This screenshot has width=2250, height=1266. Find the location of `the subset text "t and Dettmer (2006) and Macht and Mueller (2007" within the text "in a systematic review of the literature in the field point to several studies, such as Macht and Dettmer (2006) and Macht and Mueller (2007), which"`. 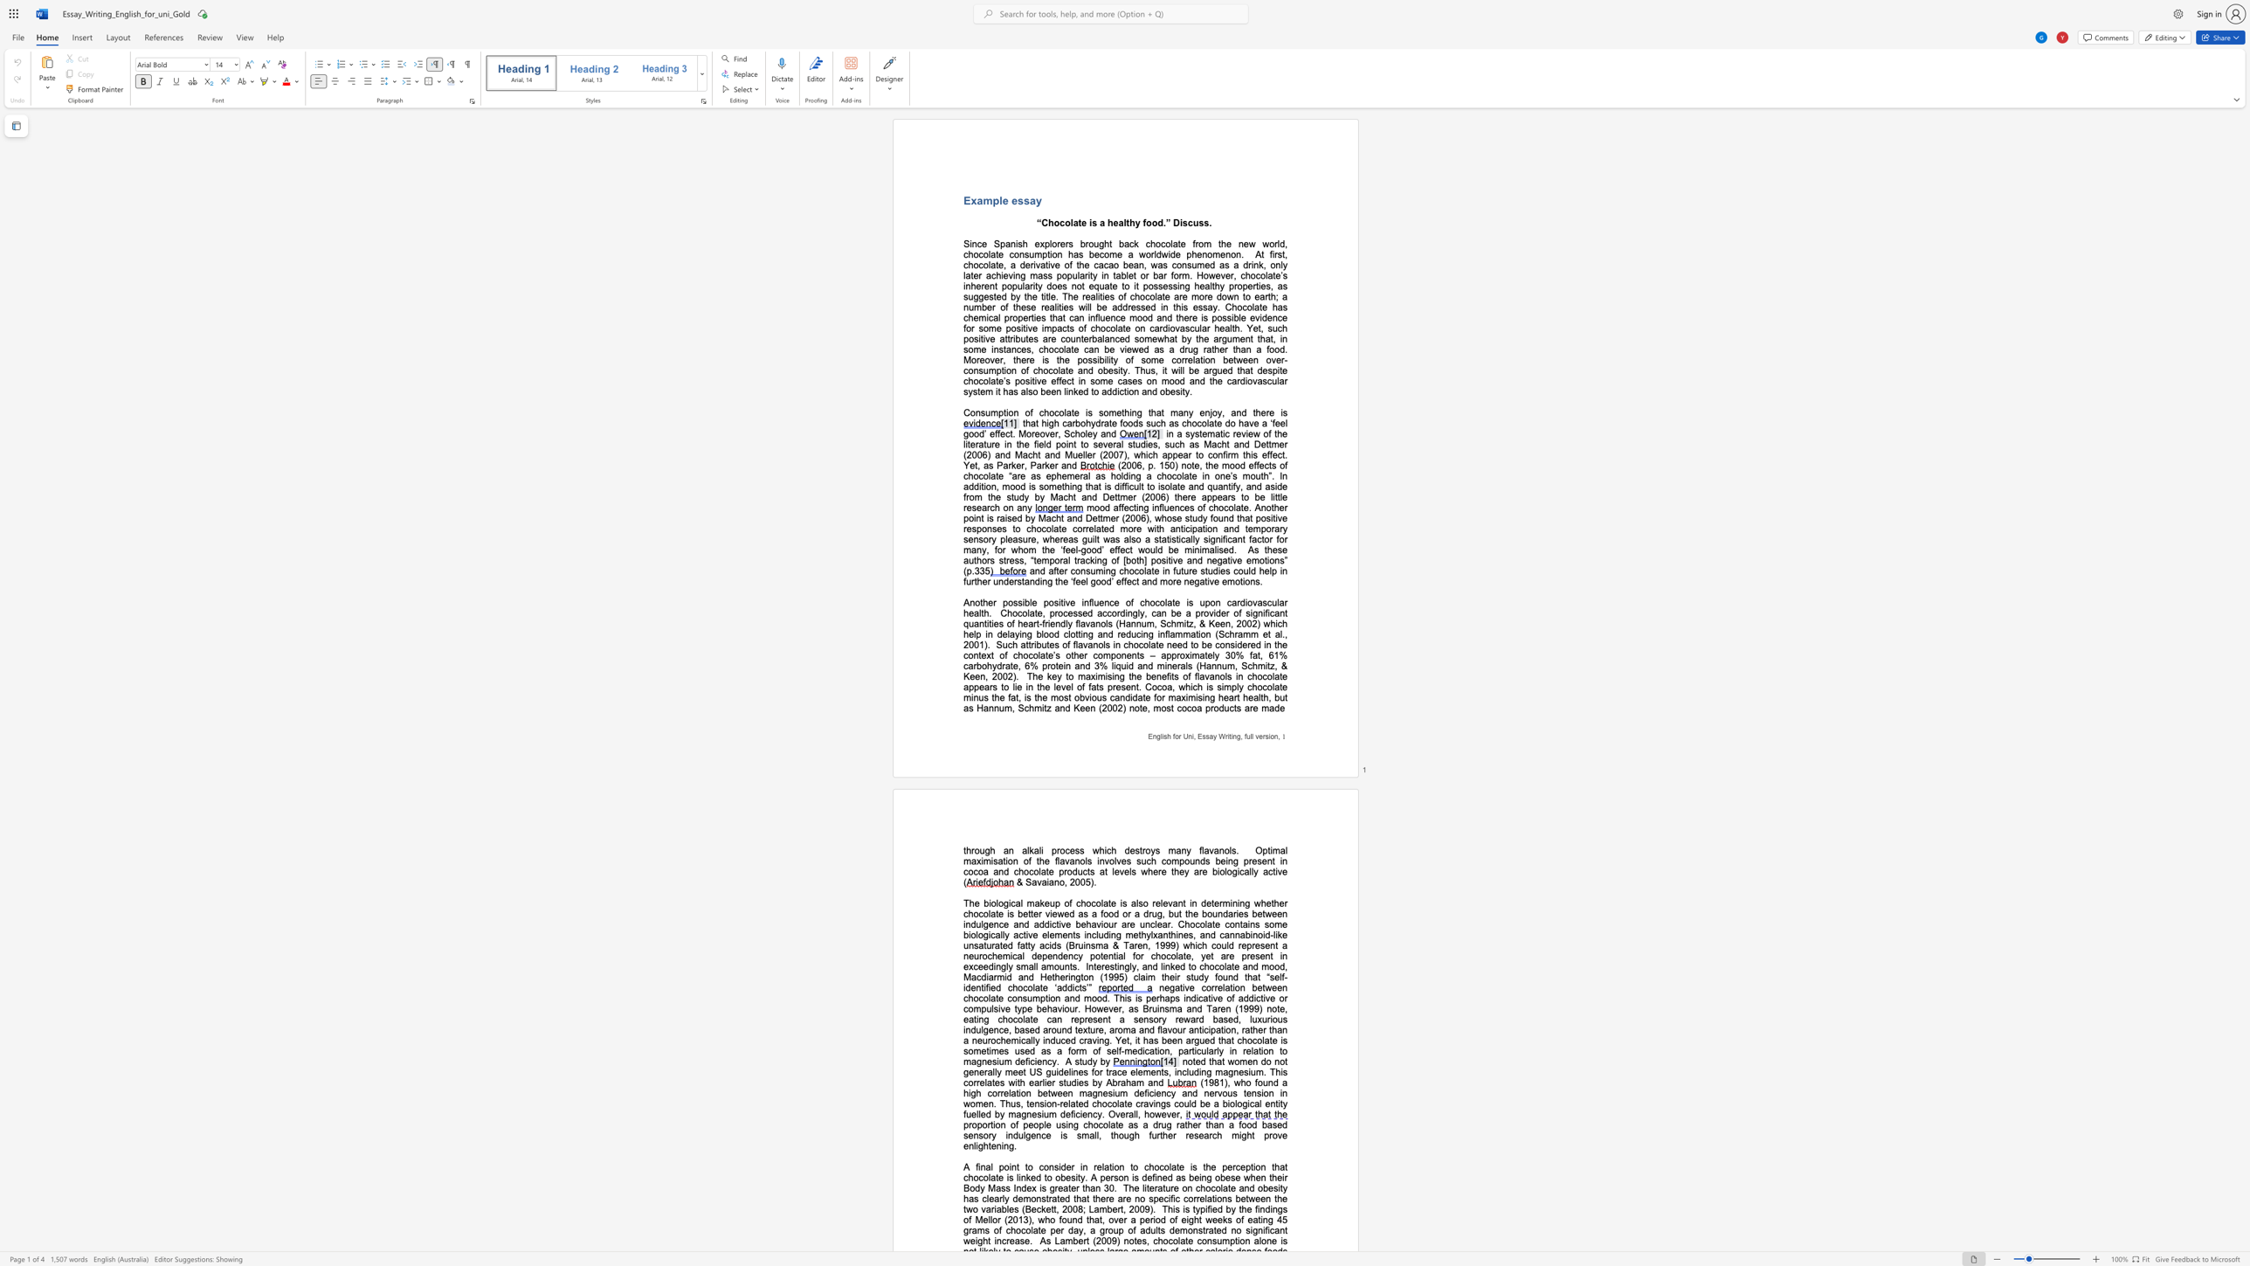

the subset text "t and Dettmer (2006) and Macht and Mueller (2007" within the text "in a systematic review of the literature in the field point to several studies, such as Macht and Dettmer (2006) and Macht and Mueller (2007), which" is located at coordinates (1226, 444).